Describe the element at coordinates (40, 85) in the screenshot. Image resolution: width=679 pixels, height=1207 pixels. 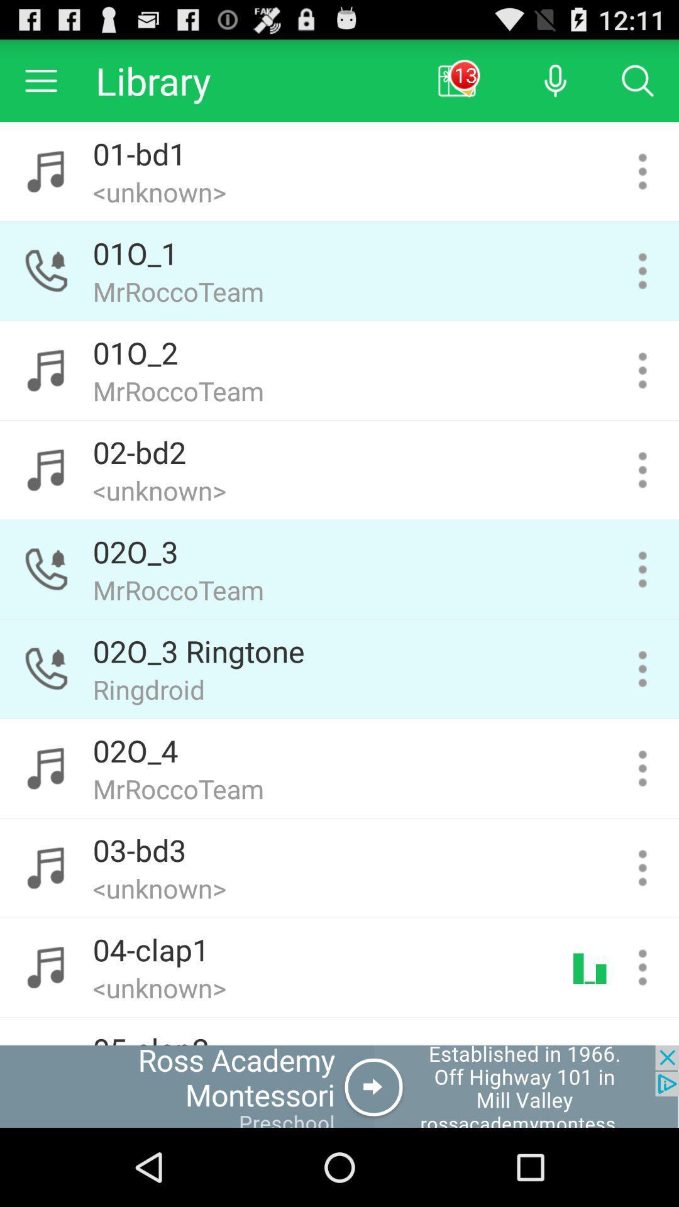
I see `the menu icon` at that location.